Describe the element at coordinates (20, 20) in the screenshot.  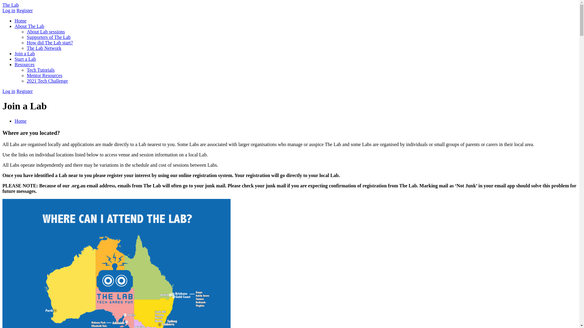
I see `'Home'` at that location.